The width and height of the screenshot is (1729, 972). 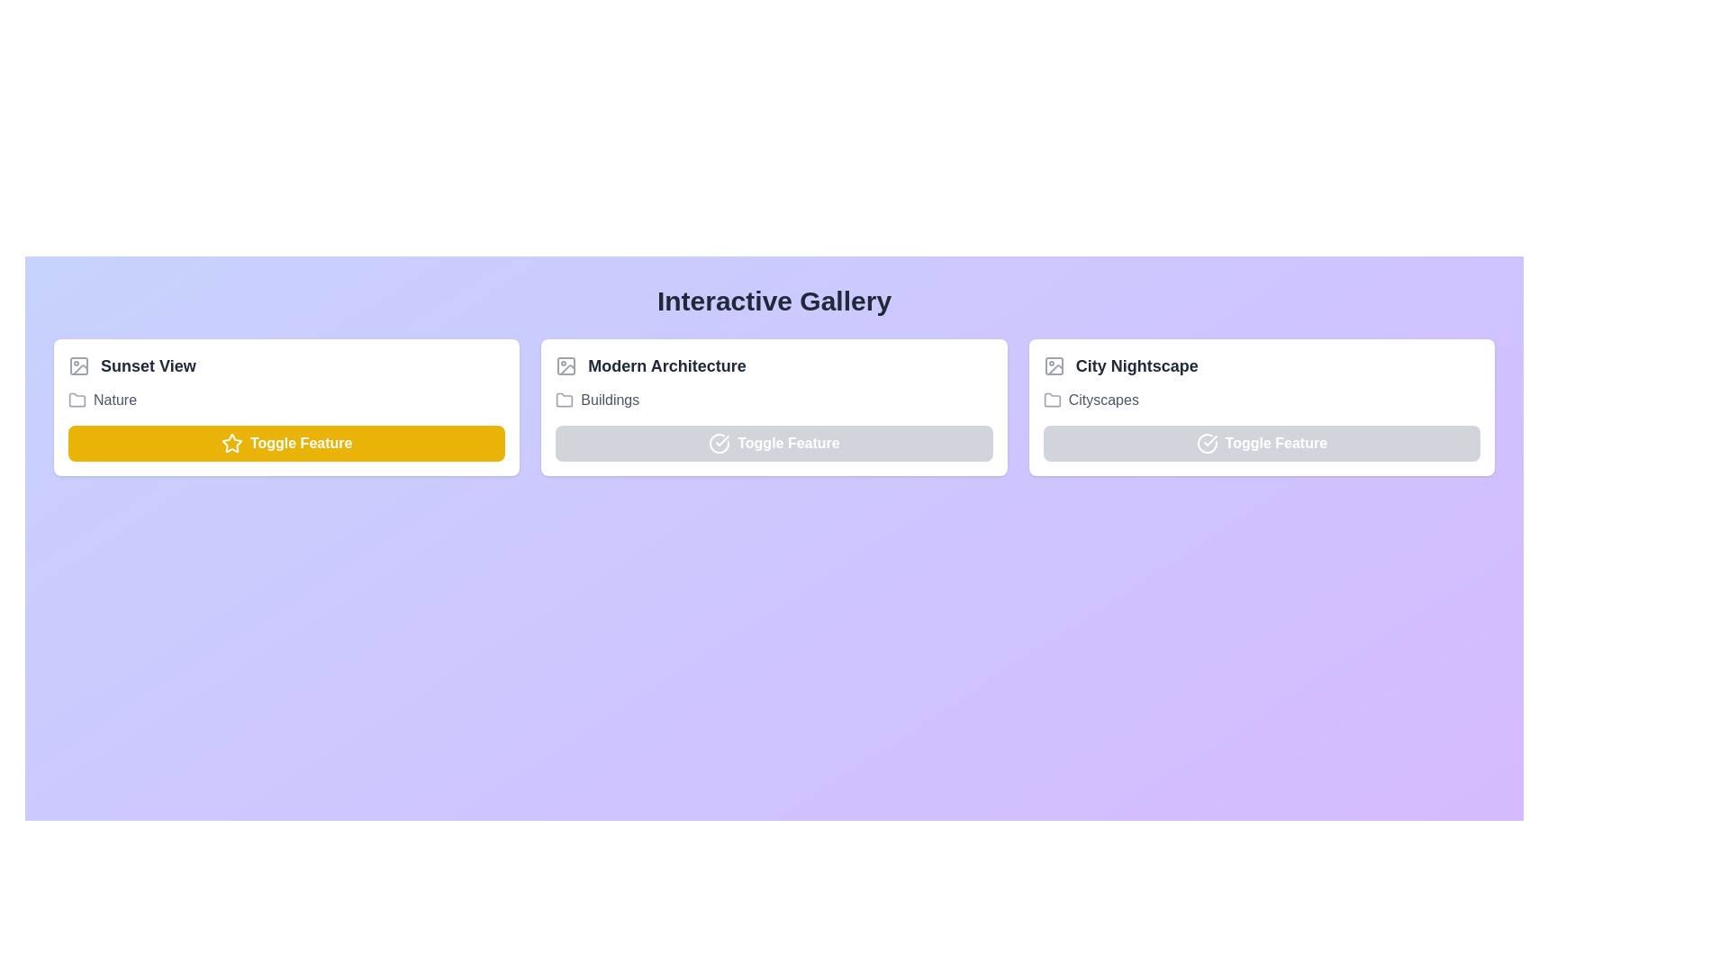 What do you see at coordinates (285, 444) in the screenshot?
I see `the vibrant yellow 'Toggle Feature' button with white text and a star icon located in the first card titled 'Sunset View'` at bounding box center [285, 444].